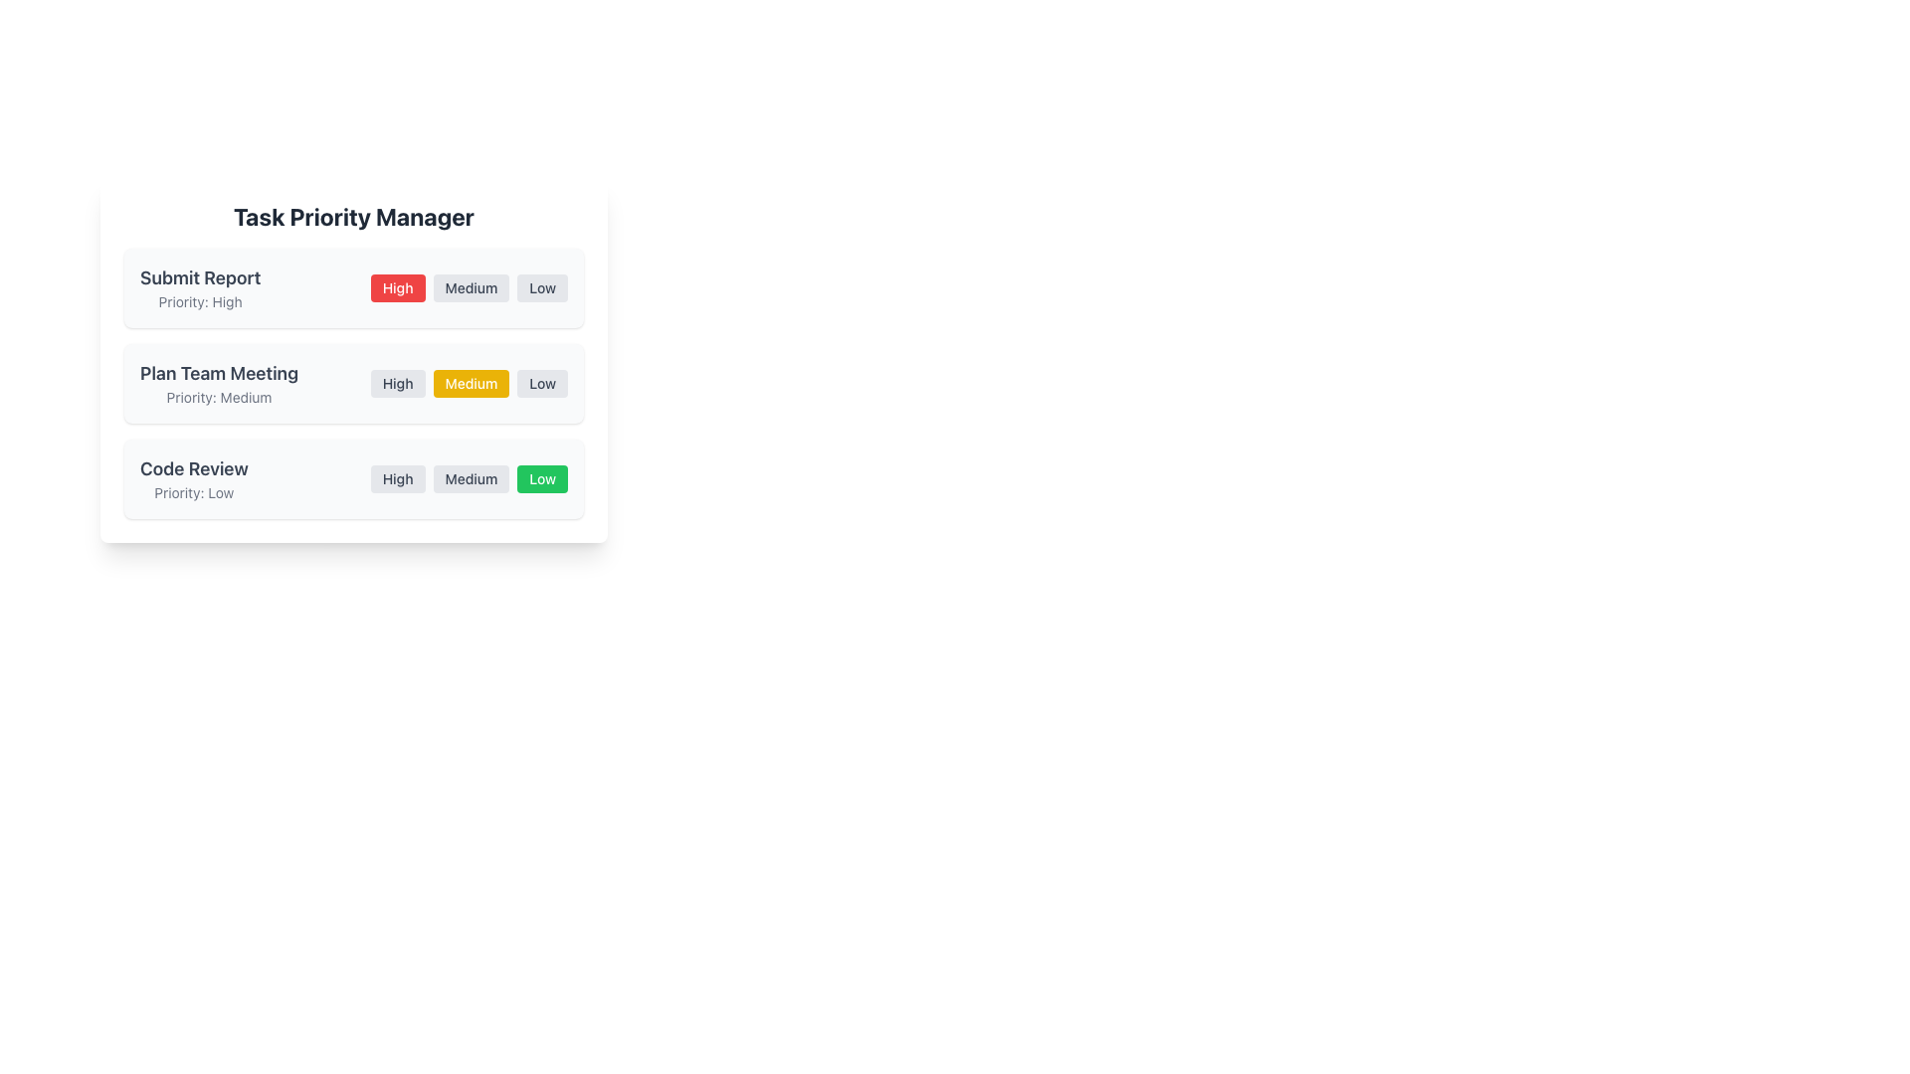 This screenshot has width=1910, height=1074. I want to click on the rightmost button labeled 'Low' in the group of three buttons ('High', 'Medium', 'Low') under the title 'Plan Team Meeting', so click(542, 383).